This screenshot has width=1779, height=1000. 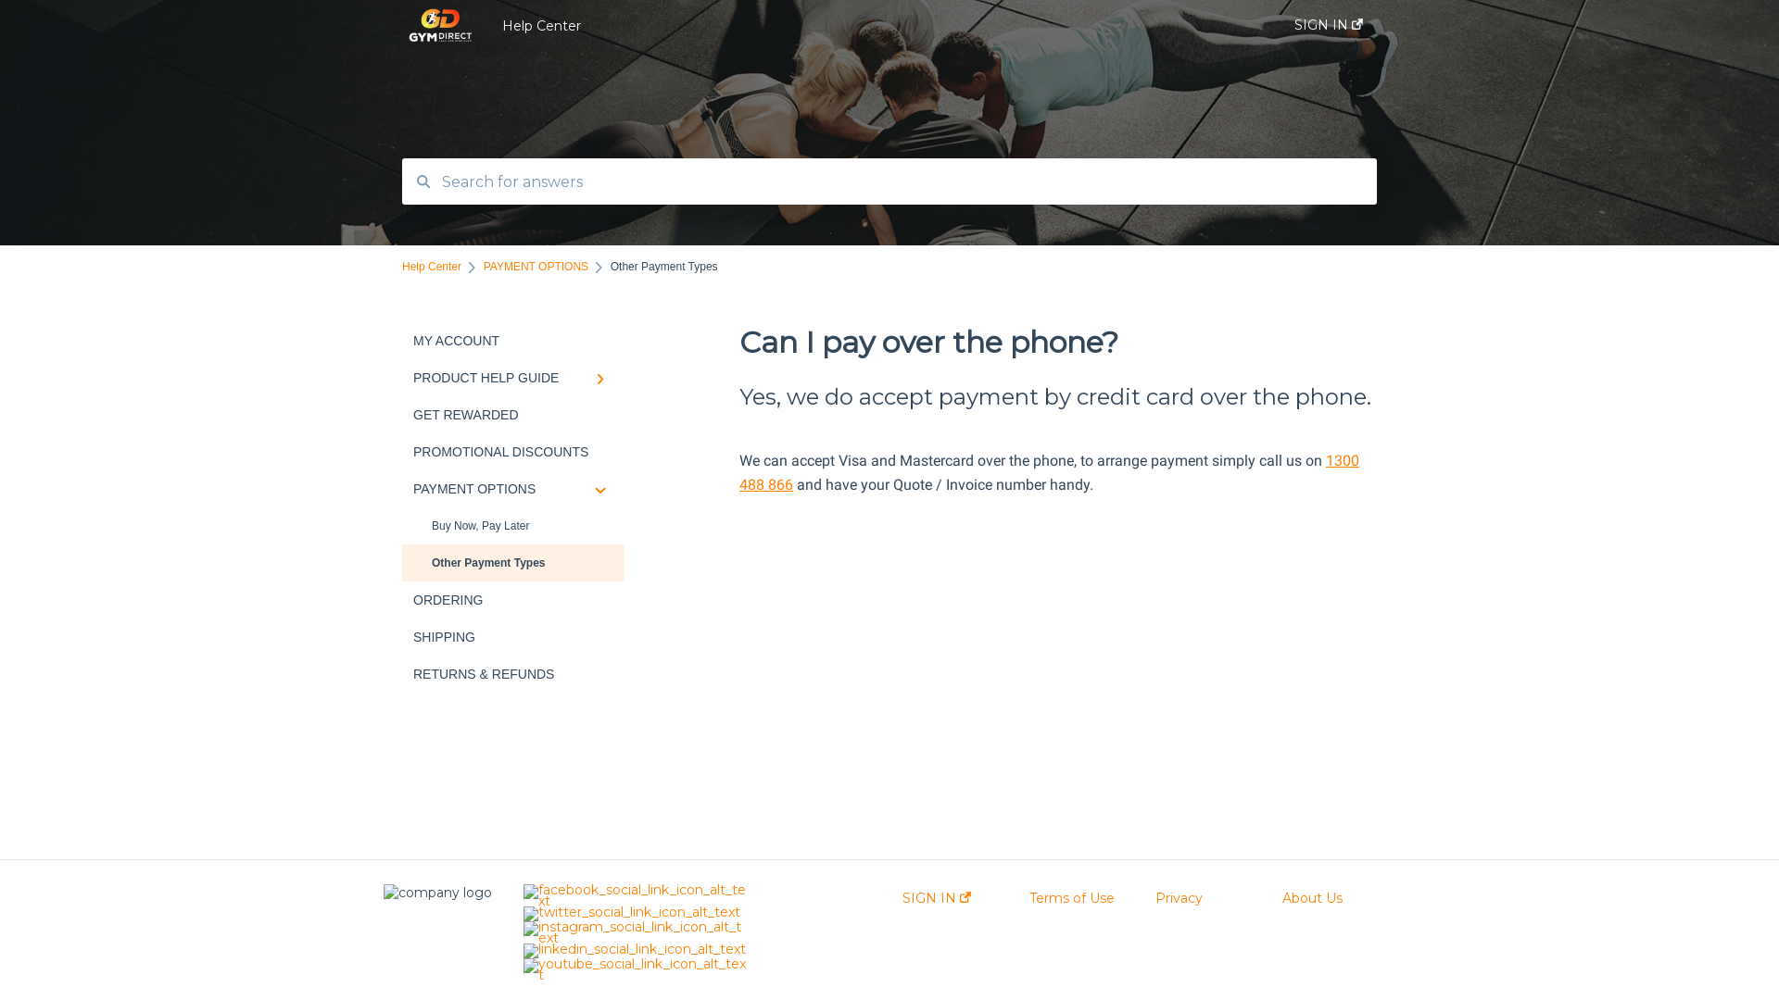 What do you see at coordinates (512, 413) in the screenshot?
I see `'GET REWARDED'` at bounding box center [512, 413].